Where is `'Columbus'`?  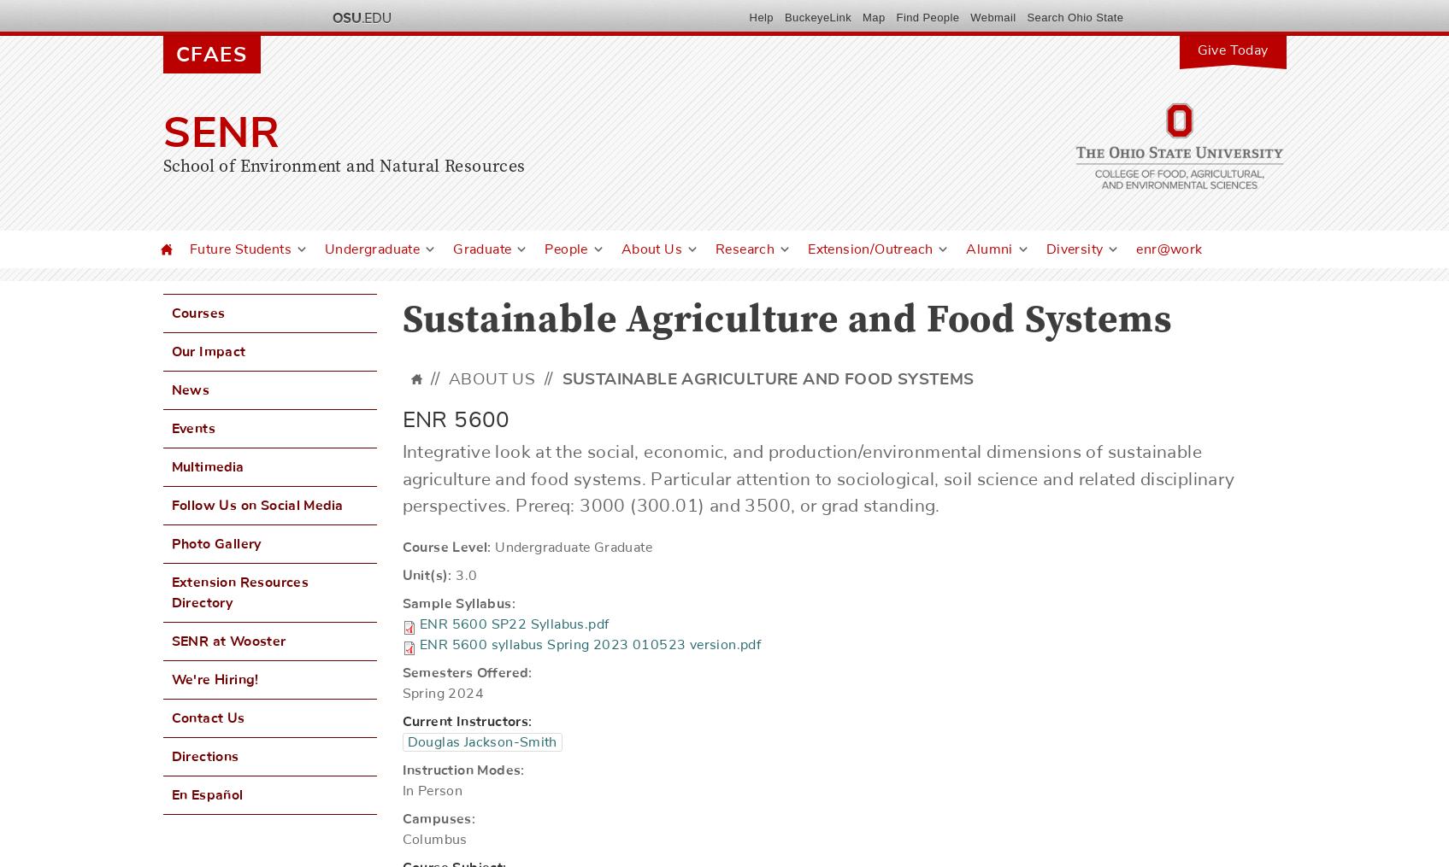
'Columbus' is located at coordinates (433, 839).